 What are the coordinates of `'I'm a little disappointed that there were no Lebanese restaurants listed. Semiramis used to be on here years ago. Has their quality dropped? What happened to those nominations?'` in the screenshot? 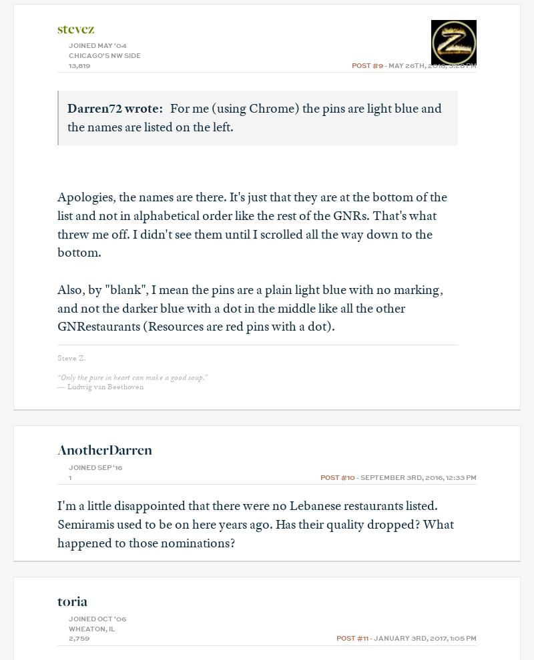 It's located at (255, 523).